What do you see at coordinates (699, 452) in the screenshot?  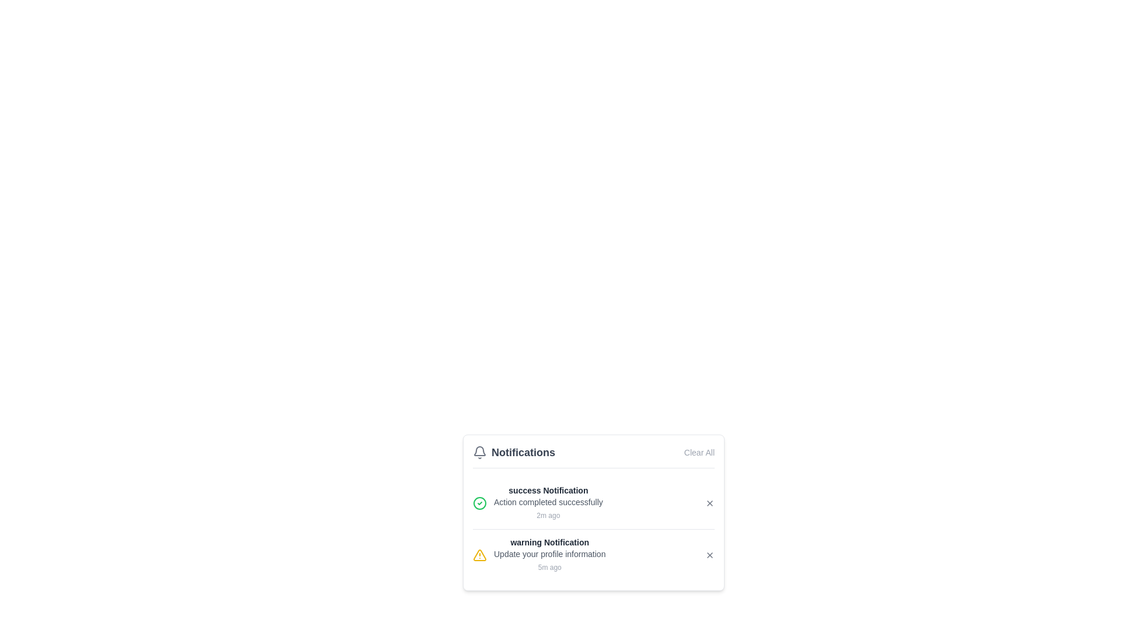 I see `the button located in the top right corner of the notifications header bar to clear all currently displayed notifications` at bounding box center [699, 452].